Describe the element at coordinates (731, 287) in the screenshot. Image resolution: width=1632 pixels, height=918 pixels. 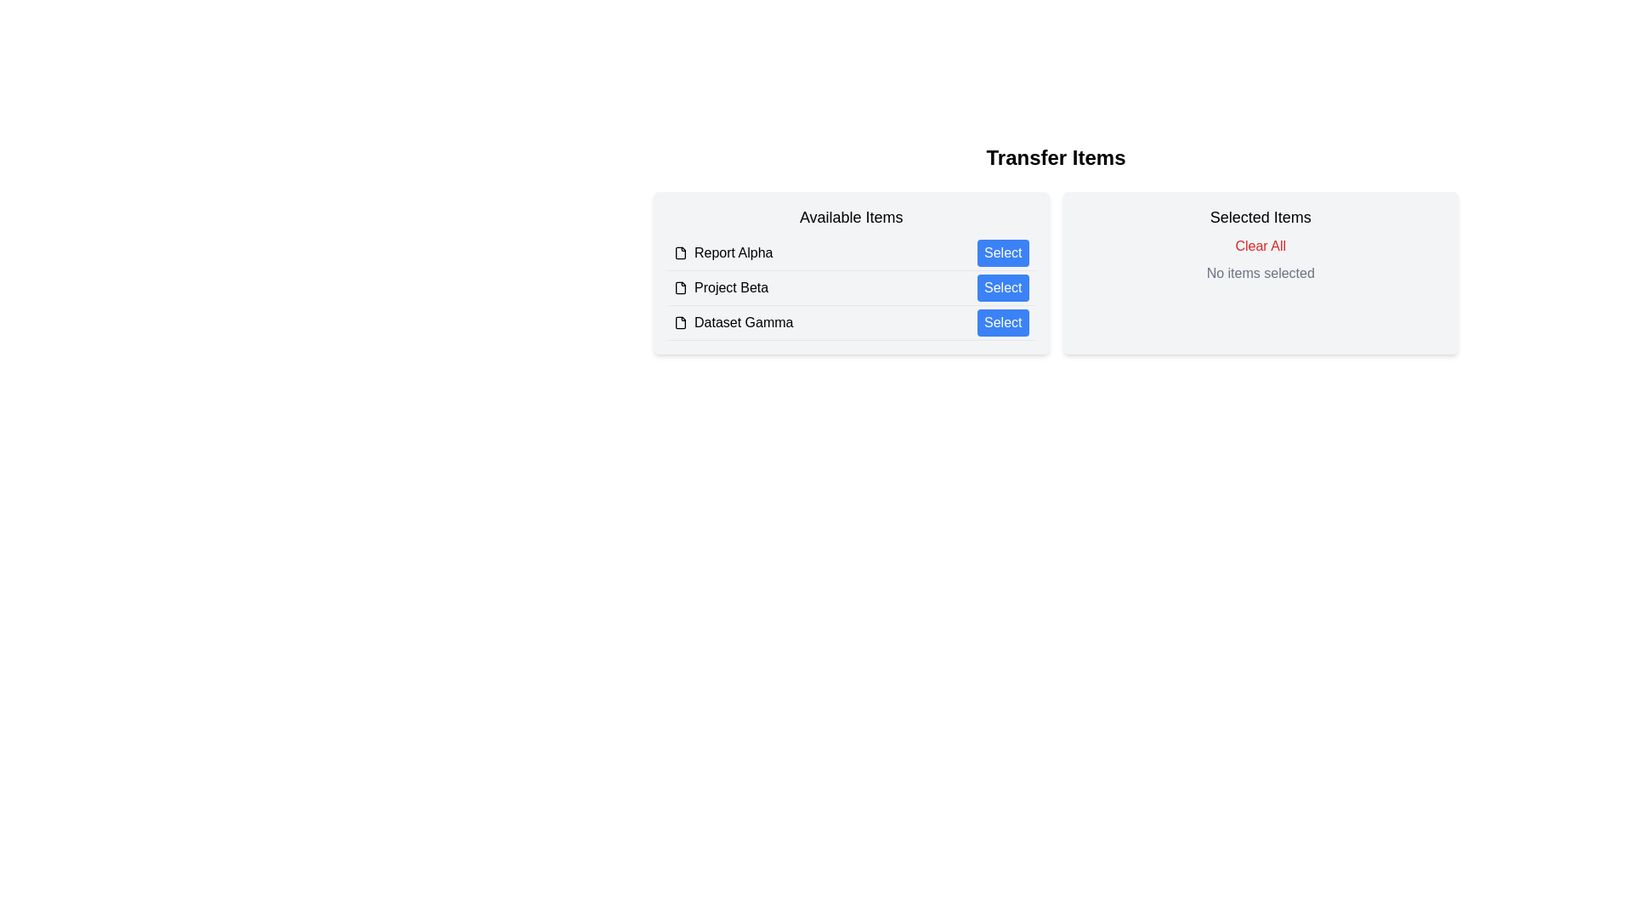
I see `the text element displaying 'Project Beta', which is the second item` at that location.